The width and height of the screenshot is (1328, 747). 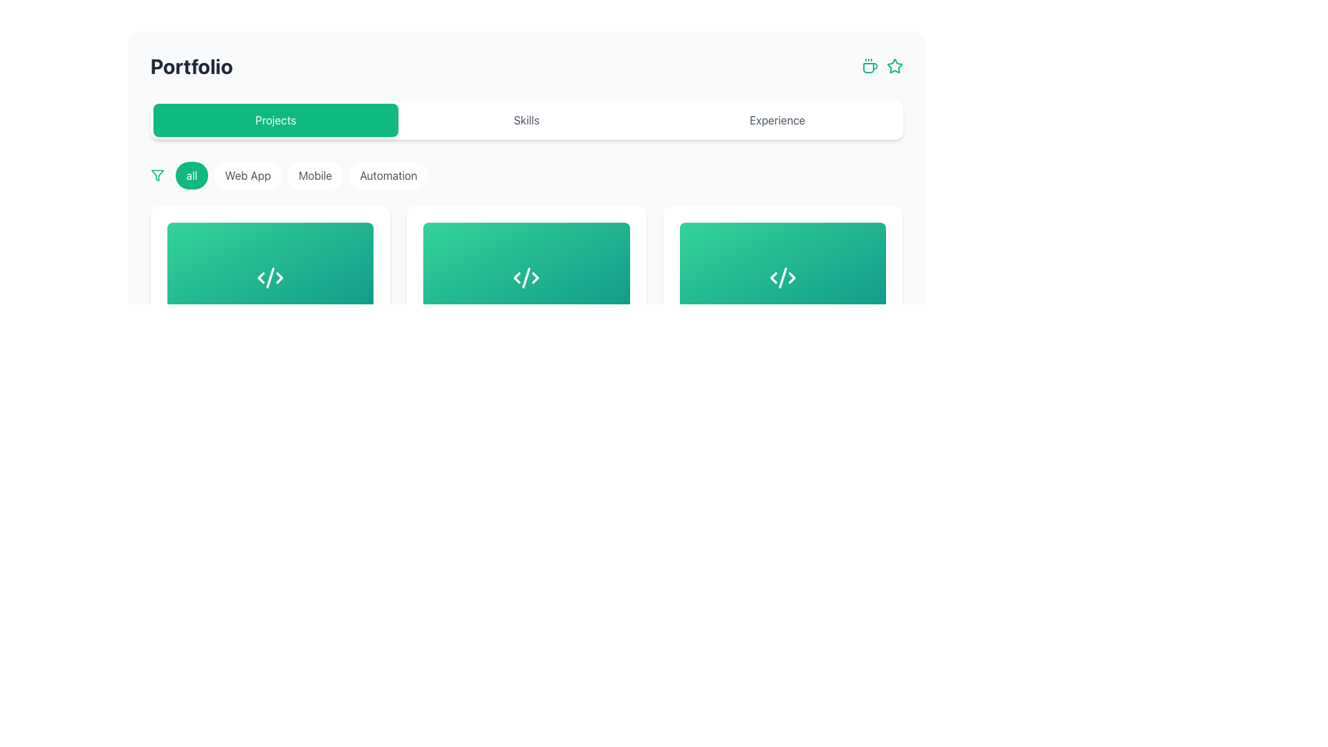 I want to click on the card containing the code symbol icon, which is located in the Portfolio section, specifically in the first card of the second row, directly below the 'all' filter button, so click(x=270, y=277).